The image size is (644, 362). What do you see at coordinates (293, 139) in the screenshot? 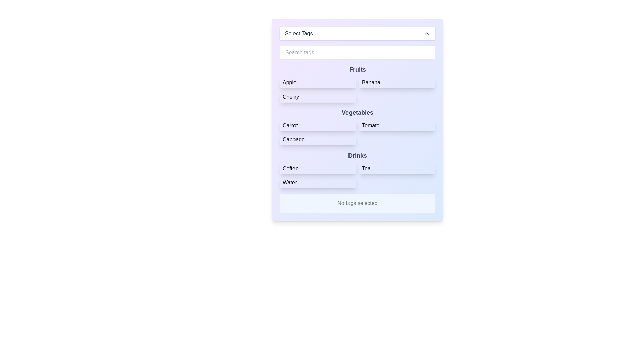
I see `the text label displaying 'Cabbage'` at bounding box center [293, 139].